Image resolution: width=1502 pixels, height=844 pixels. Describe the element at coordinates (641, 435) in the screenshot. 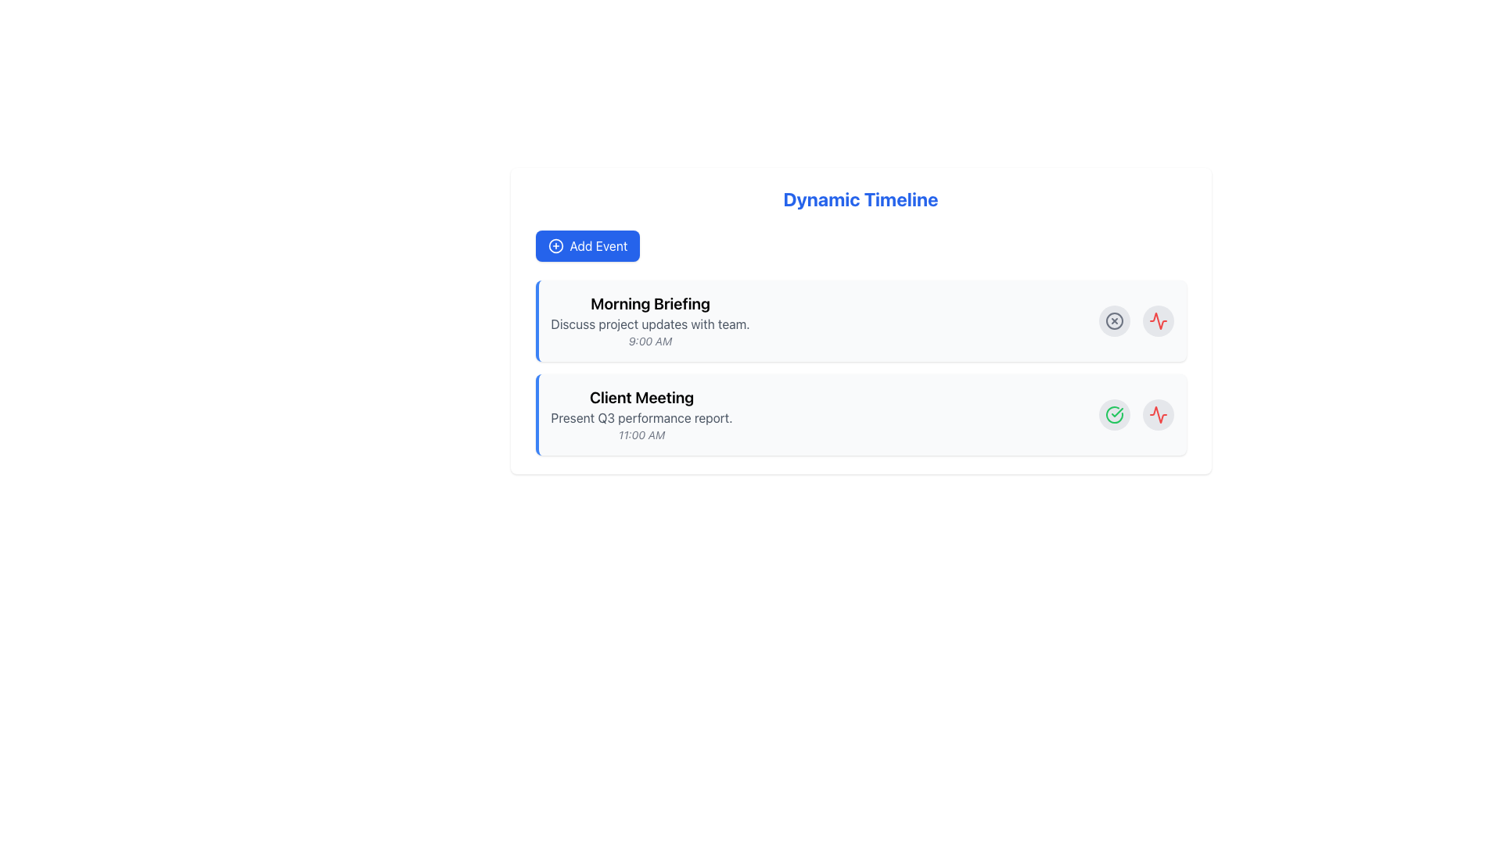

I see `time displayed in the small italicized text label showing '11:00 AM', which is positioned below the meeting agenda description` at that location.